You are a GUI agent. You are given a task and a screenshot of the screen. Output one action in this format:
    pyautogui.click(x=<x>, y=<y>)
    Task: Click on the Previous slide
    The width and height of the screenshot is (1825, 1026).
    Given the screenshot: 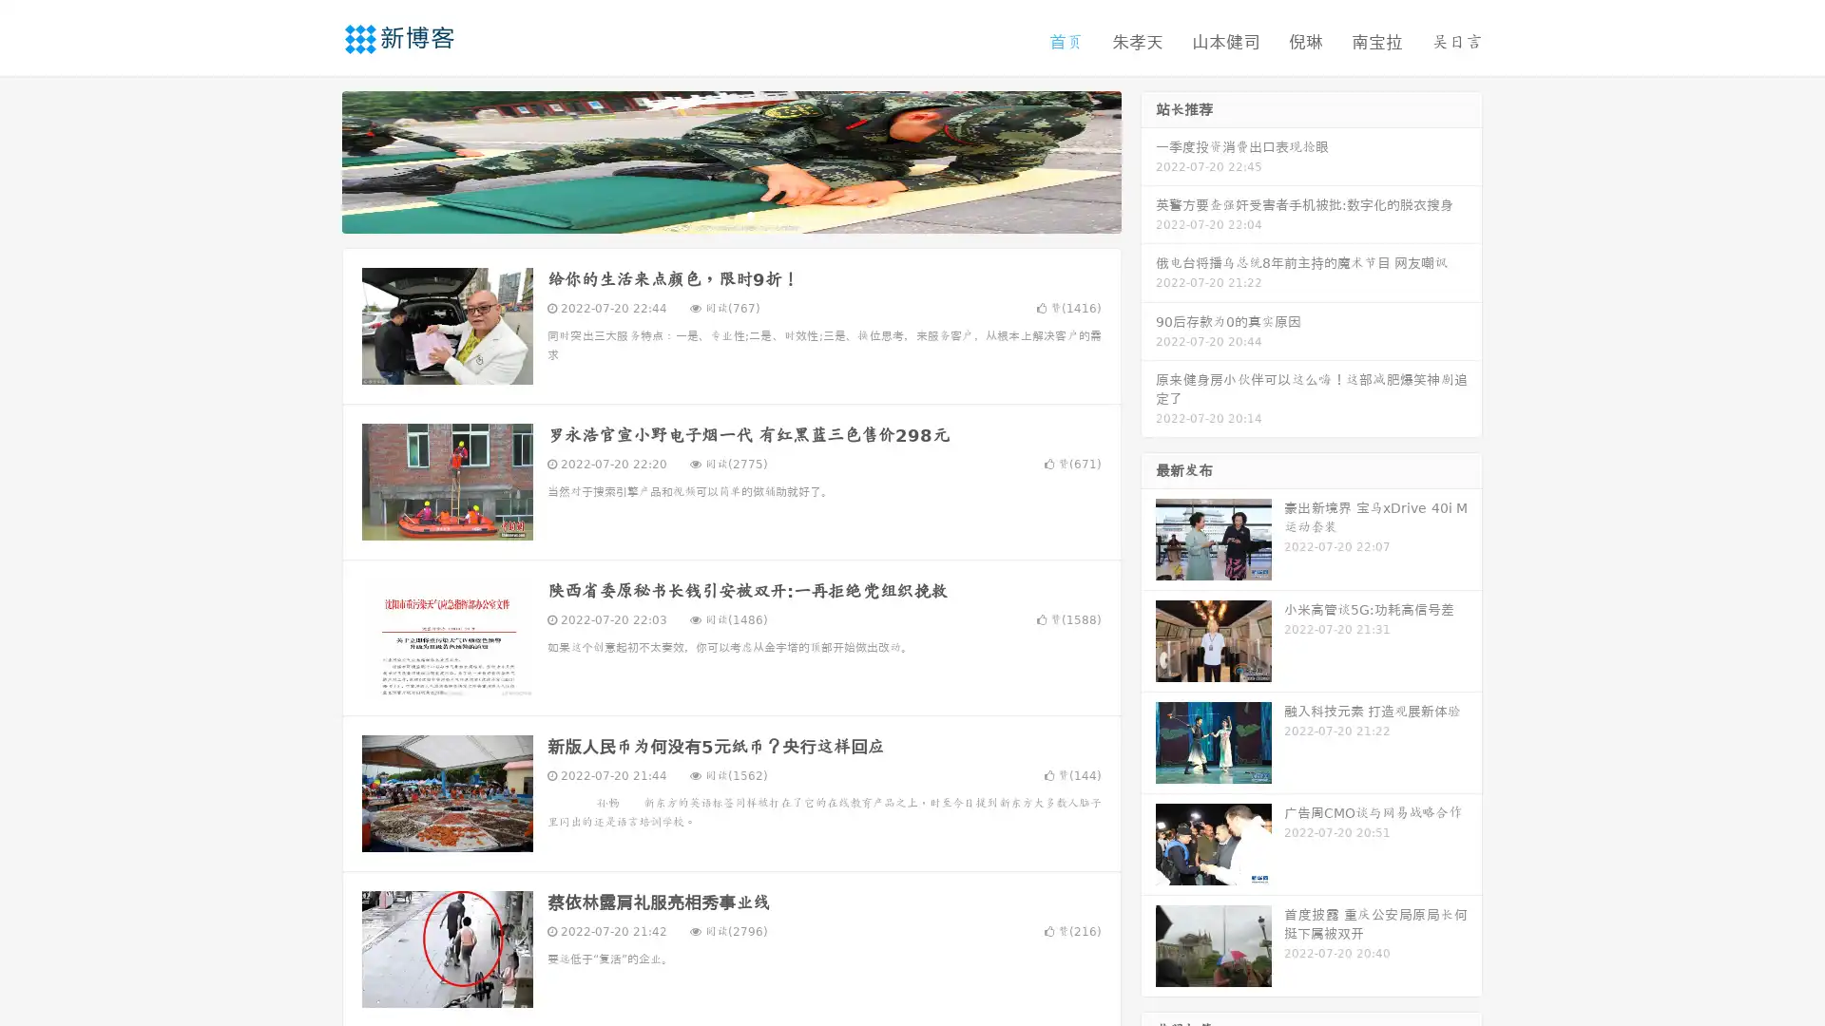 What is the action you would take?
    pyautogui.click(x=314, y=160)
    